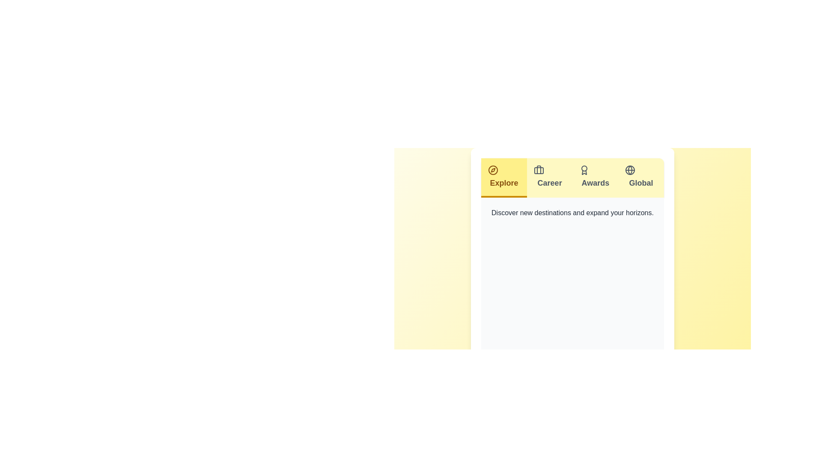 This screenshot has height=462, width=822. Describe the element at coordinates (641, 178) in the screenshot. I see `the tab labeled Global to view its content` at that location.